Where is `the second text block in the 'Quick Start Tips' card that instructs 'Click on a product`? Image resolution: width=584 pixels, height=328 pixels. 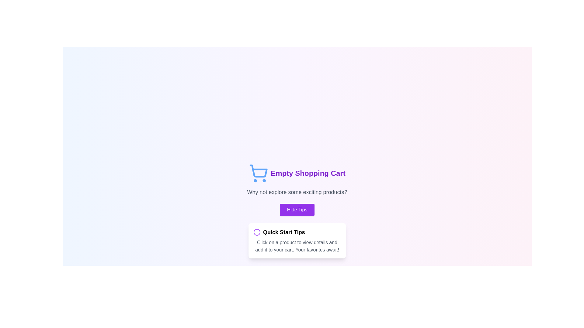 the second text block in the 'Quick Start Tips' card that instructs 'Click on a product is located at coordinates (297, 246).